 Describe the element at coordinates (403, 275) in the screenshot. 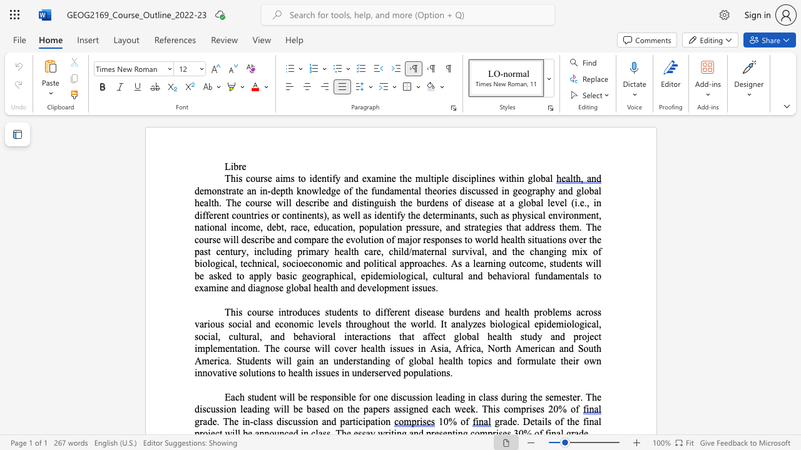

I see `the 6th character "o" in the text` at that location.